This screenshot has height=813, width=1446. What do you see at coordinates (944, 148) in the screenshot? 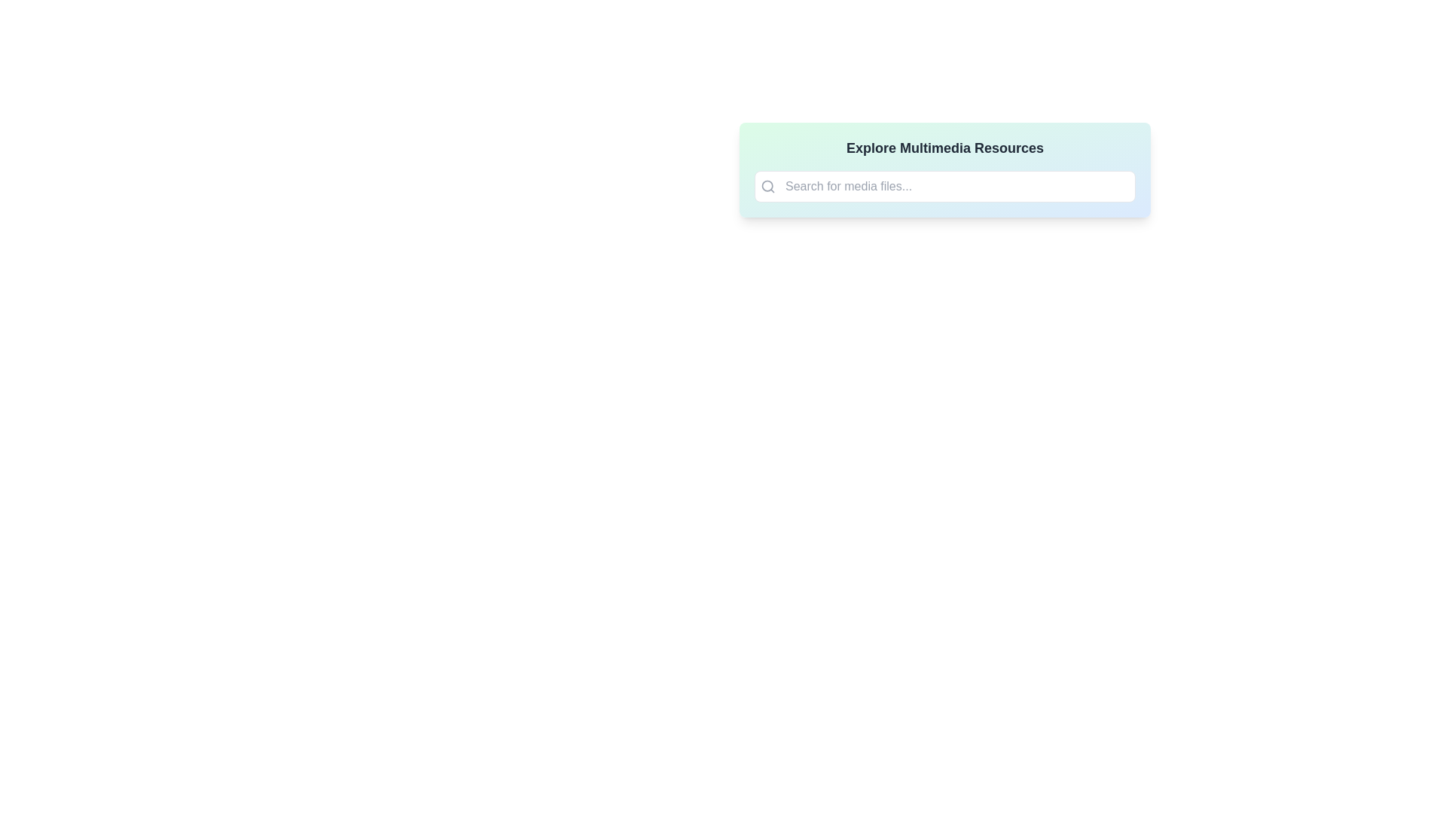
I see `the static text element with the heading 'Explore Multimedia Resources' which is styled in bold, large sans-serif font and dark gray color, positioned centrally above a search bar in a gradient-colored card` at bounding box center [944, 148].